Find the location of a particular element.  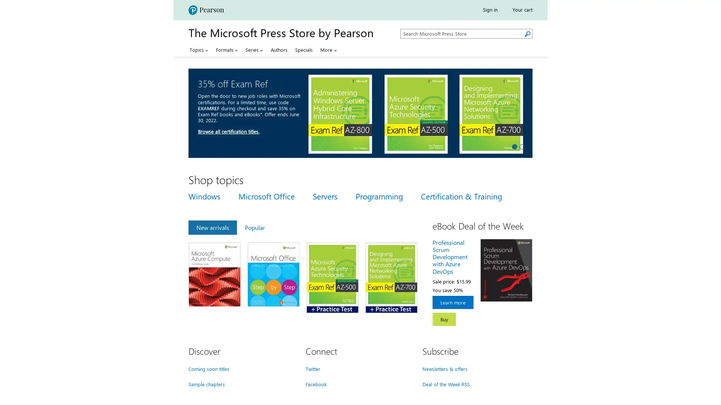

Search is located at coordinates (527, 33).